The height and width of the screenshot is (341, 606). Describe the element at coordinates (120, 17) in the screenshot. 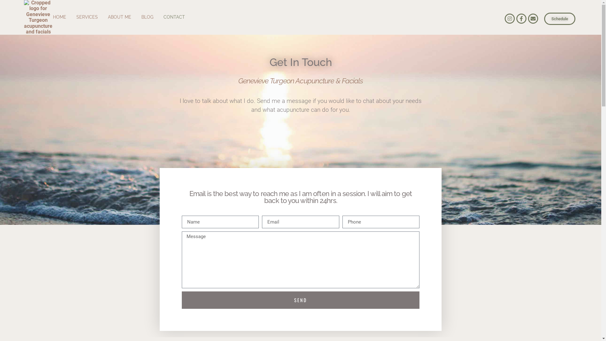

I see `'ABOUT ME'` at that location.